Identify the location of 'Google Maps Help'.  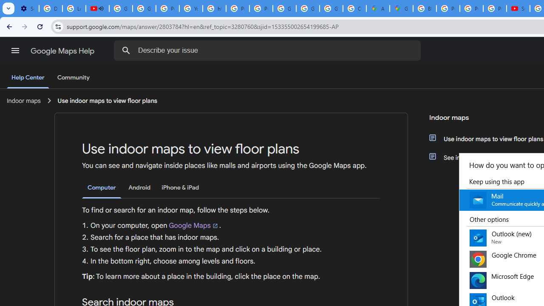
(63, 51).